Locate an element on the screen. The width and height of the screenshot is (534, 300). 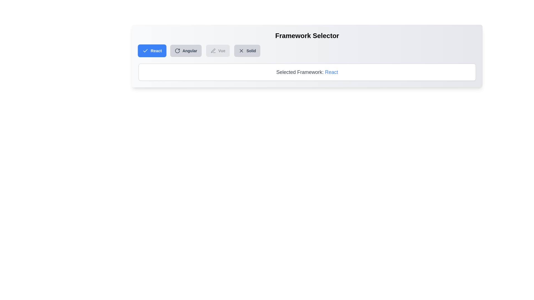
the 'Solid' button, which is a rectangular button with rounded corners, light gray background, and dark gray text, prominently labeled 'Solid' with an 'X' icon to its left. It is located to the right of the 'Vue' button in a horizontal selection menu is located at coordinates (247, 51).